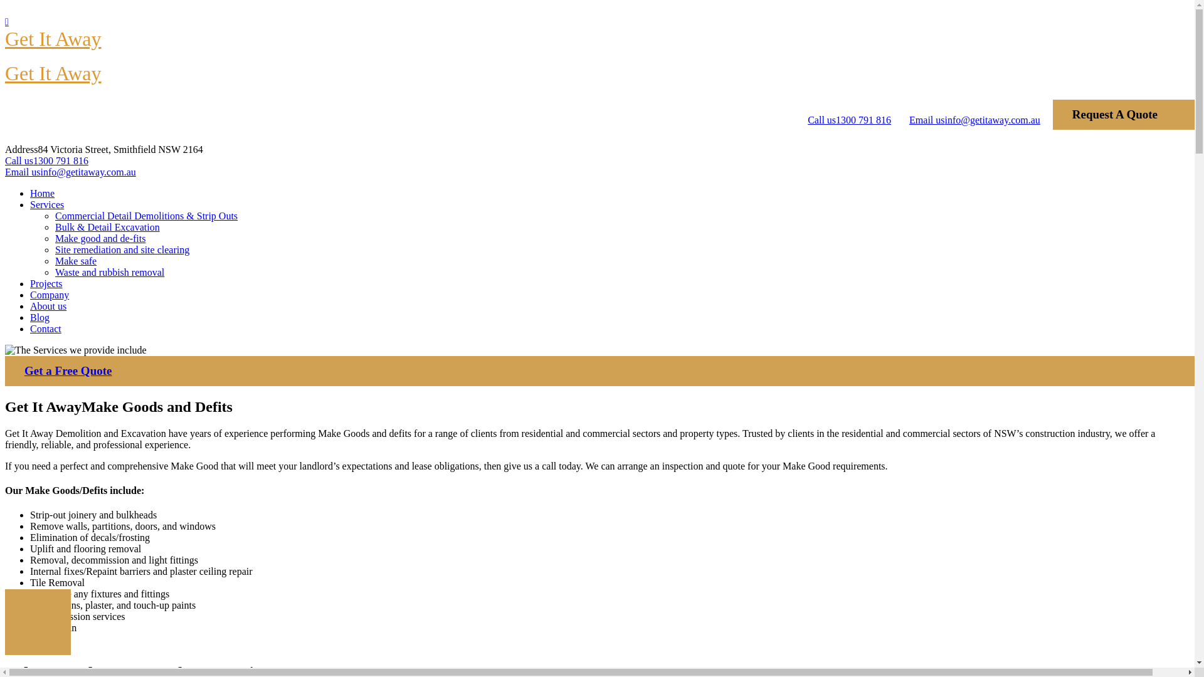 The image size is (1204, 677). I want to click on 'The Services we provide include', so click(75, 350).